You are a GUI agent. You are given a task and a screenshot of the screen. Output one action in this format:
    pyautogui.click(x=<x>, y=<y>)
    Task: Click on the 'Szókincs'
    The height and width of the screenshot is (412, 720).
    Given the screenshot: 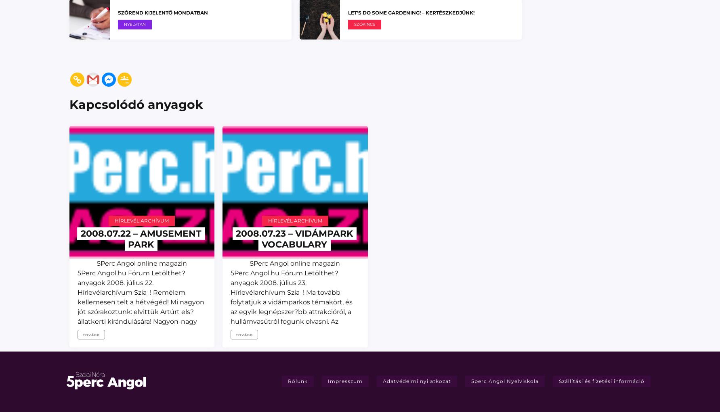 What is the action you would take?
    pyautogui.click(x=364, y=24)
    